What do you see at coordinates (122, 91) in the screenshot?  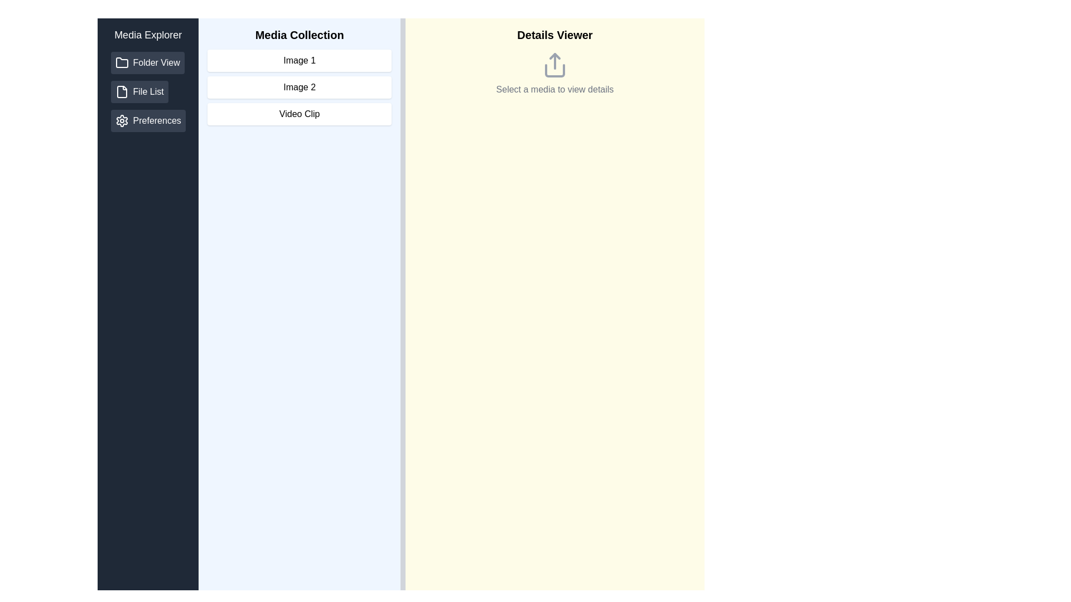 I see `the file icon` at bounding box center [122, 91].